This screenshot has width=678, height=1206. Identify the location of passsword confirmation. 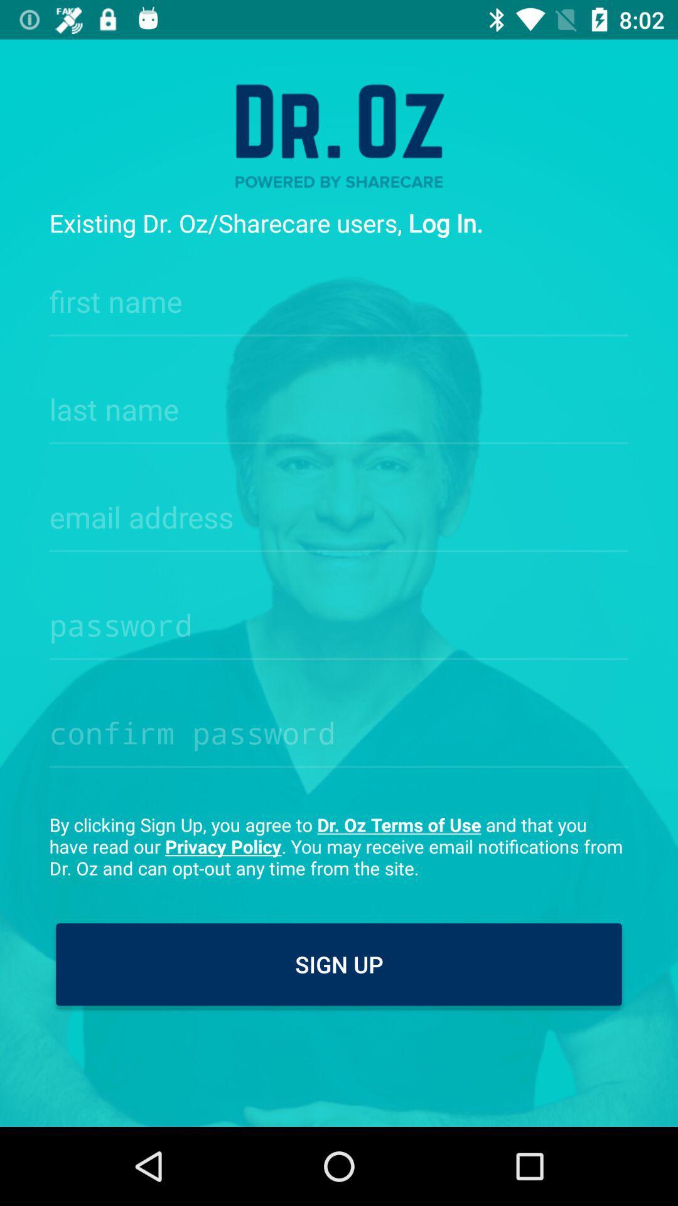
(339, 729).